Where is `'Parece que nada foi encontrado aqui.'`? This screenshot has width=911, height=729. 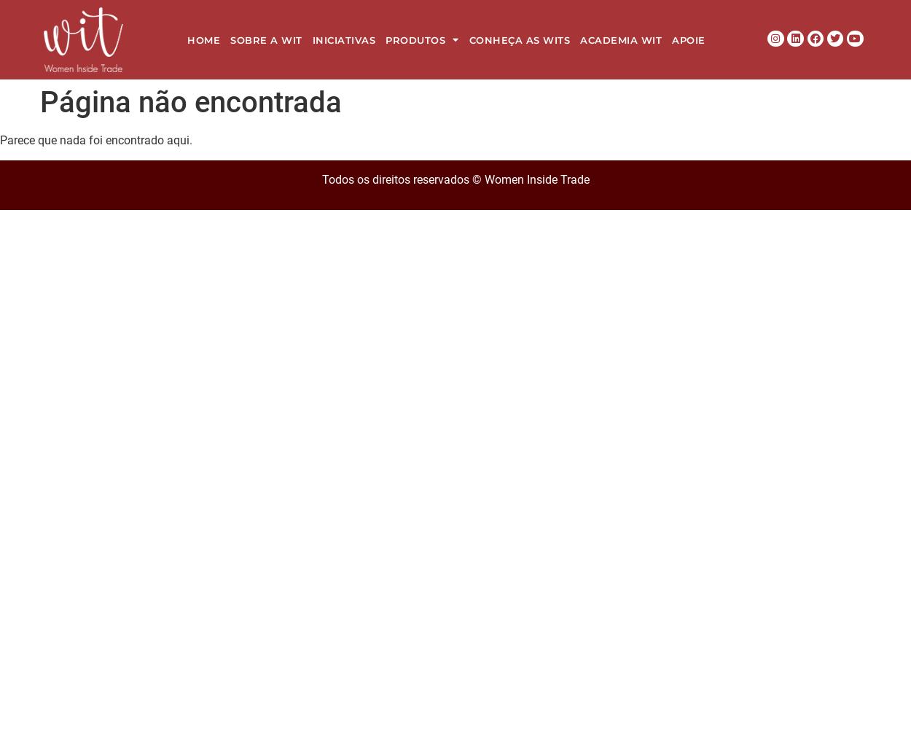
'Parece que nada foi encontrado aqui.' is located at coordinates (96, 139).